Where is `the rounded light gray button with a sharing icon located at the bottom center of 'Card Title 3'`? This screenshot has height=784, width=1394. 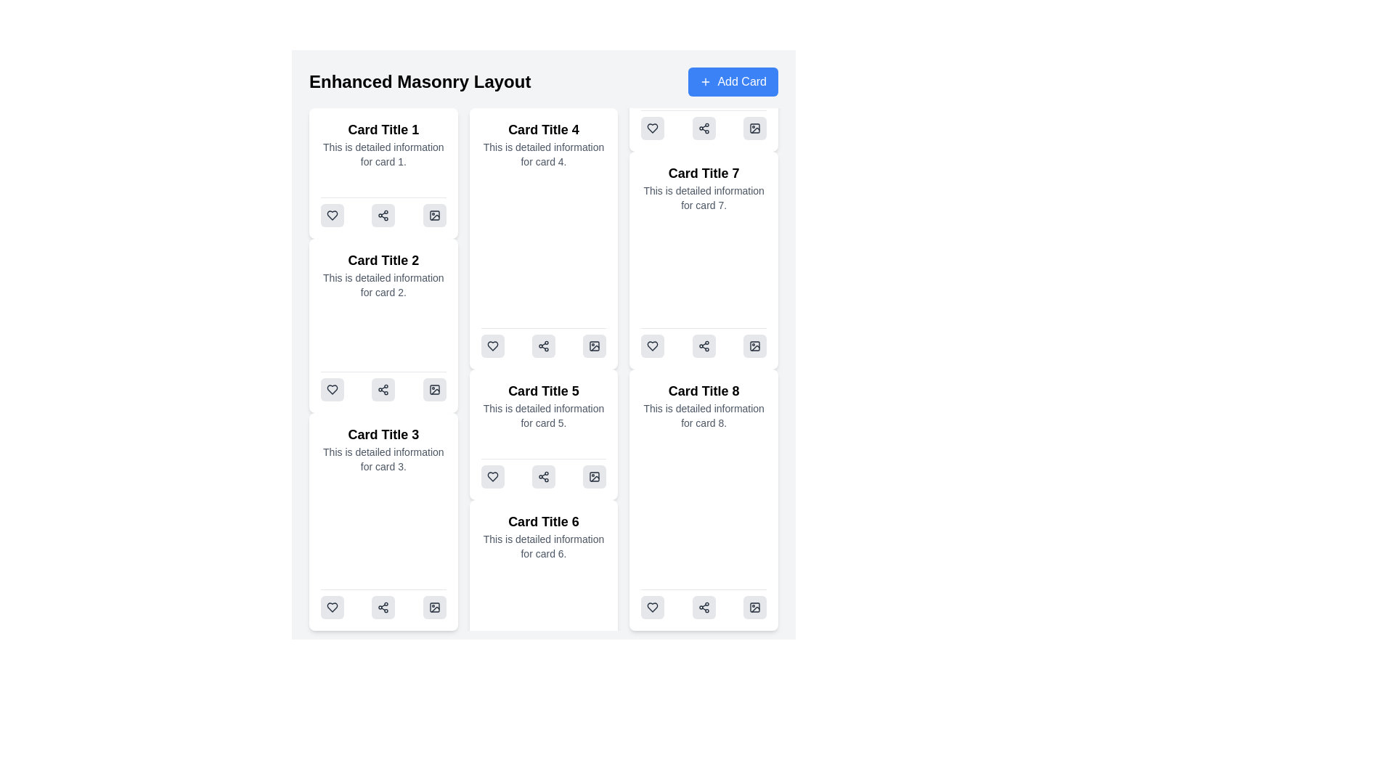 the rounded light gray button with a sharing icon located at the bottom center of 'Card Title 3' is located at coordinates (383, 608).